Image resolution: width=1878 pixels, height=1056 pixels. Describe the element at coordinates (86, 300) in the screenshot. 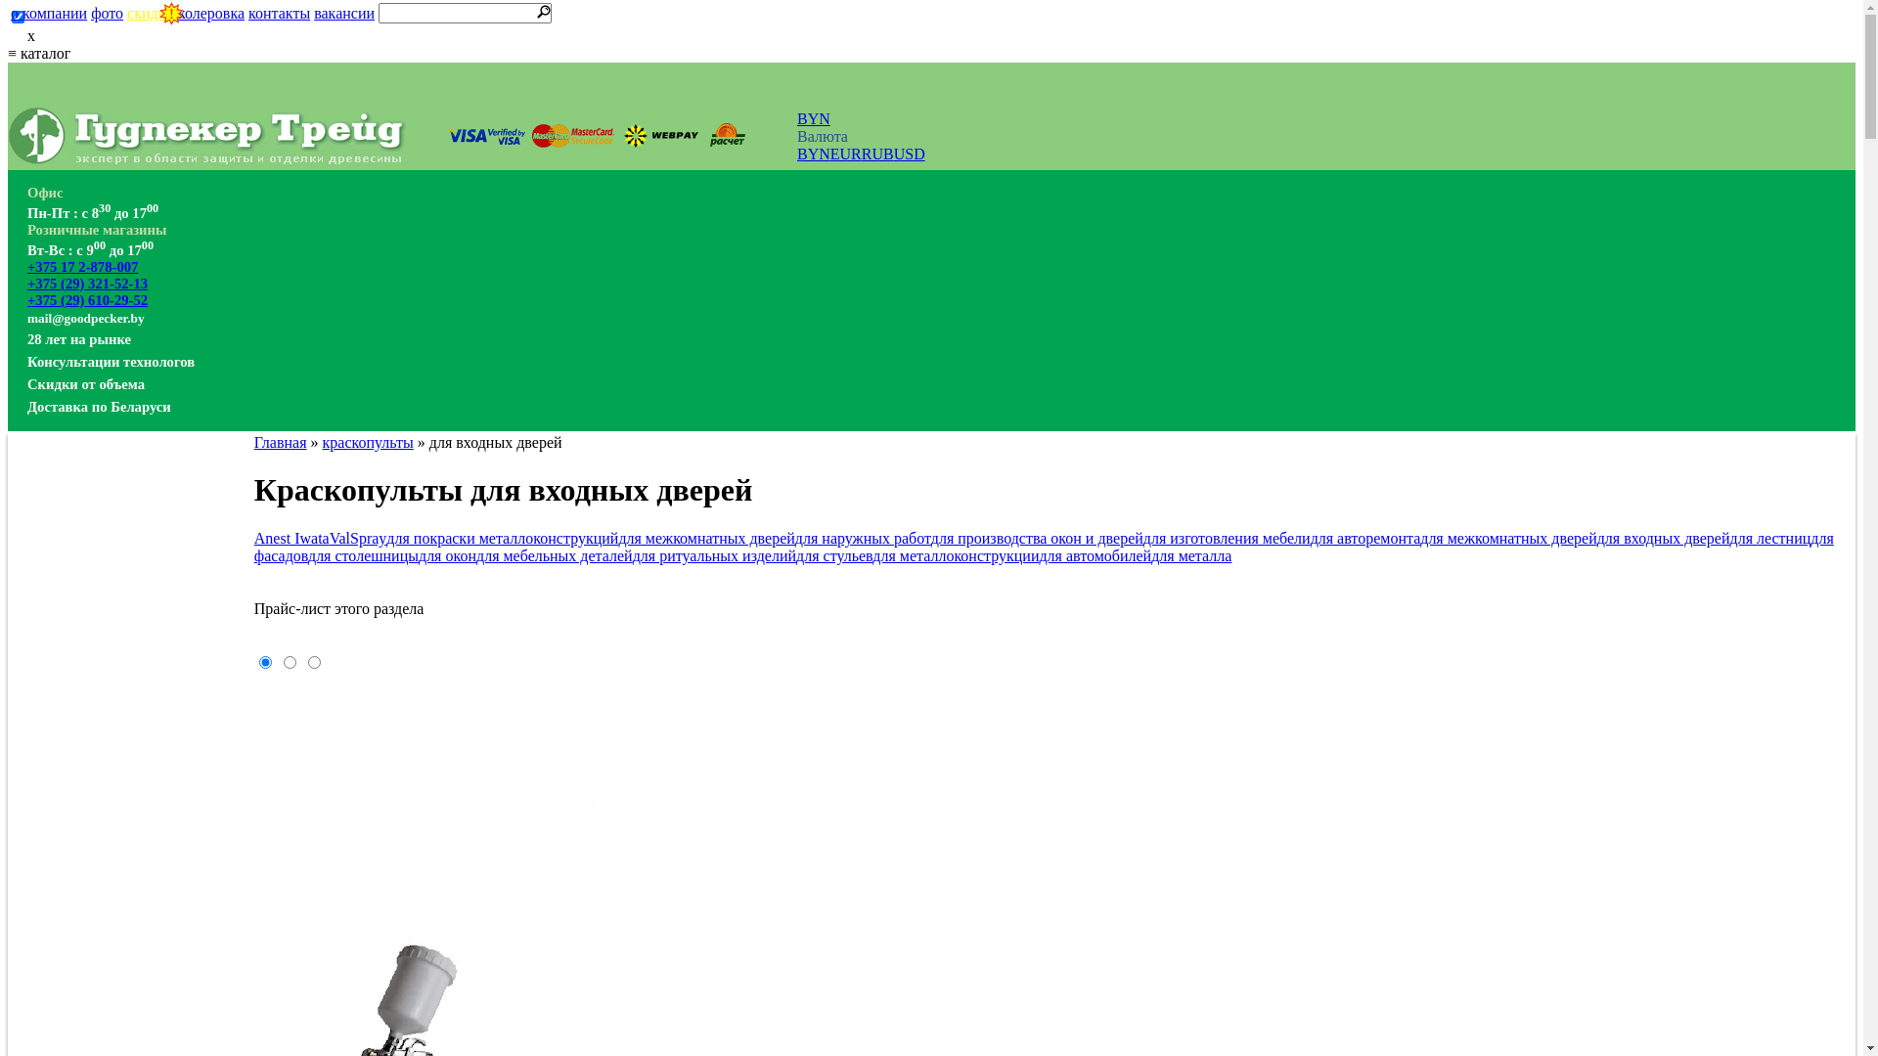

I see `'+375 (29) 610-29-52'` at that location.